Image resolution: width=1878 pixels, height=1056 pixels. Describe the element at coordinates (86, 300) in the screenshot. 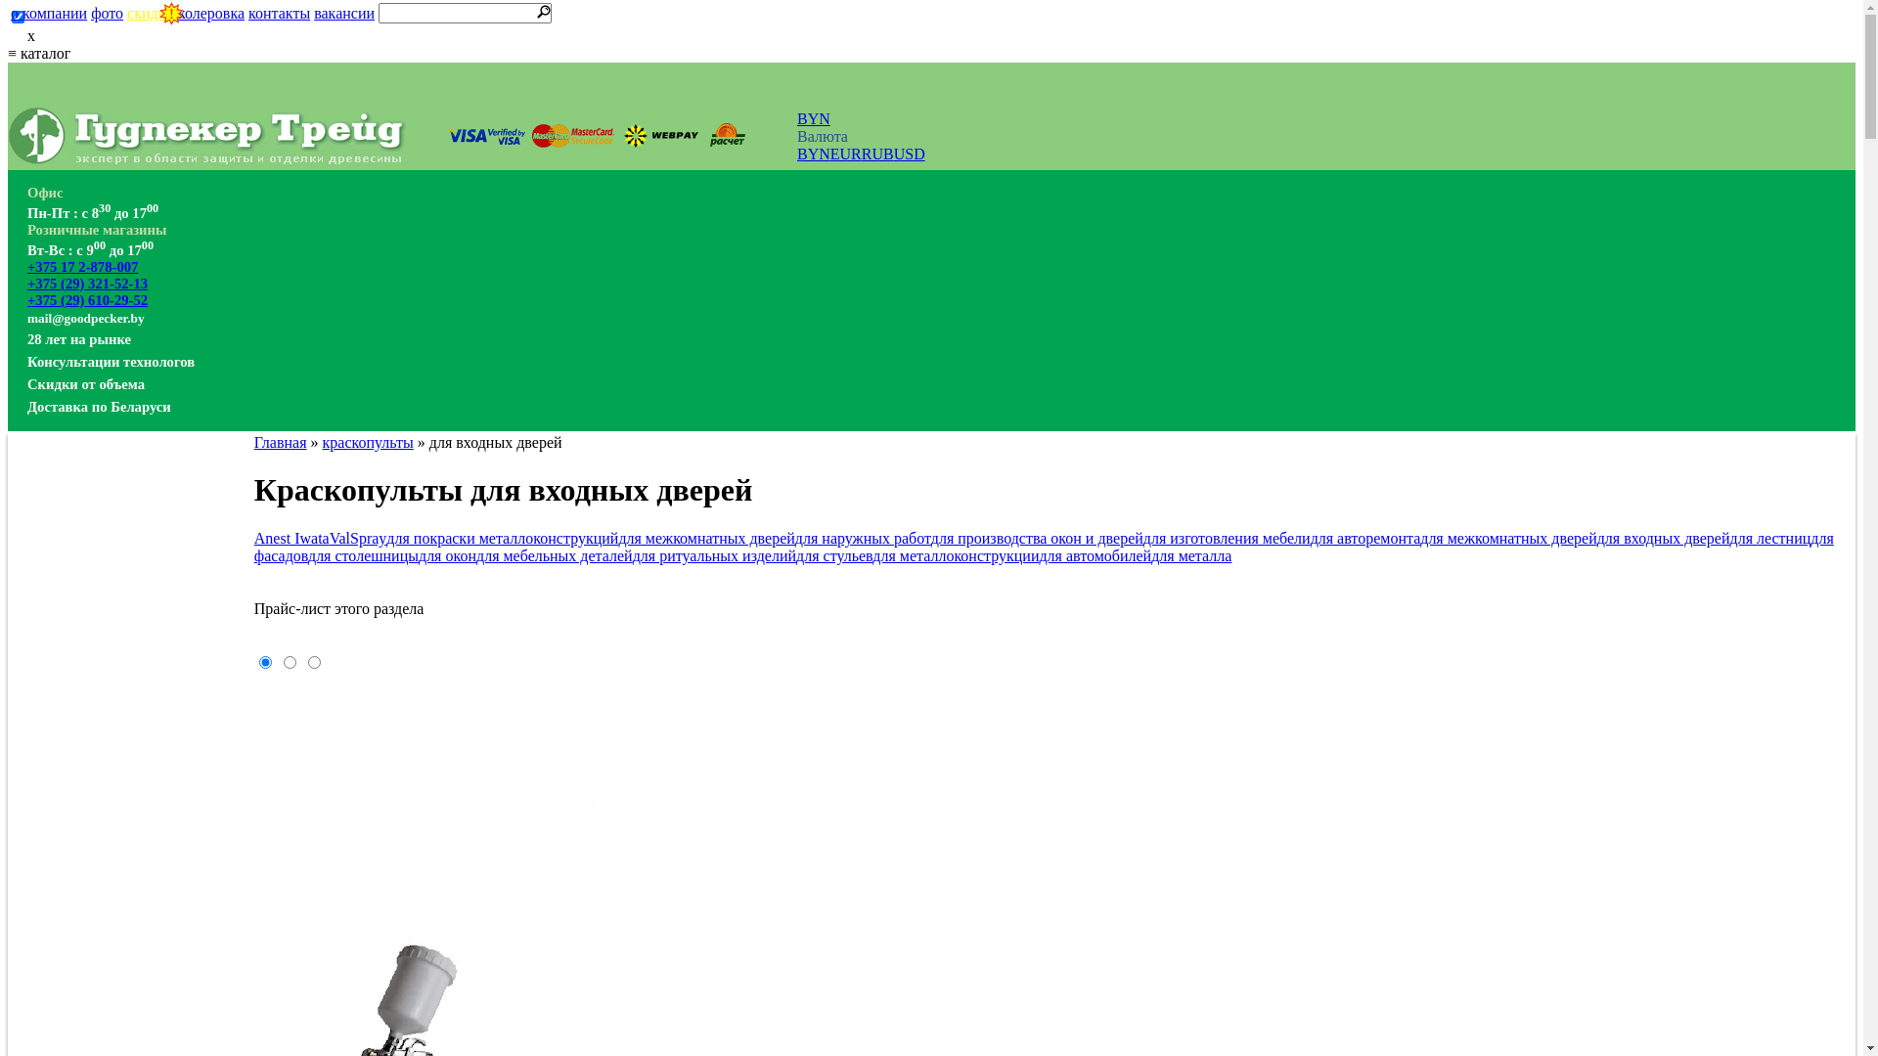

I see `'+375 (29) 610-29-52'` at that location.